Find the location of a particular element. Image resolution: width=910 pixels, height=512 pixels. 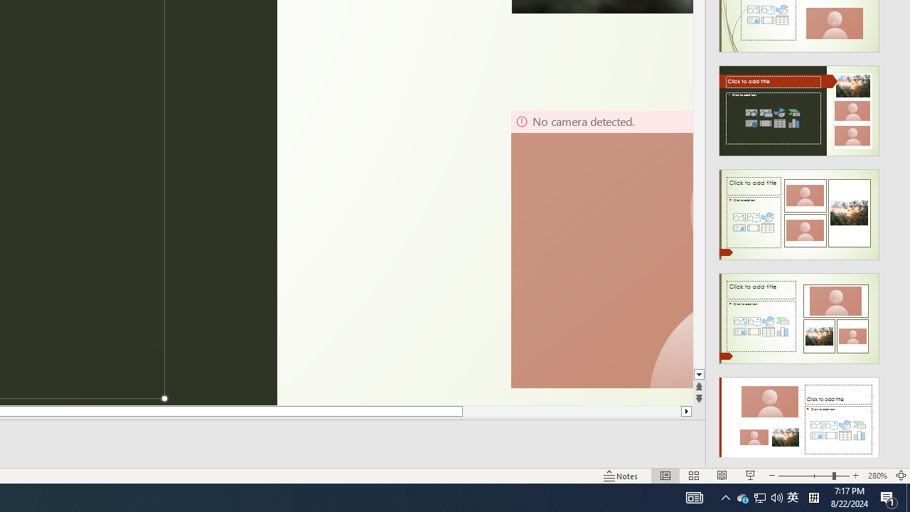

'Line down' is located at coordinates (699, 374).